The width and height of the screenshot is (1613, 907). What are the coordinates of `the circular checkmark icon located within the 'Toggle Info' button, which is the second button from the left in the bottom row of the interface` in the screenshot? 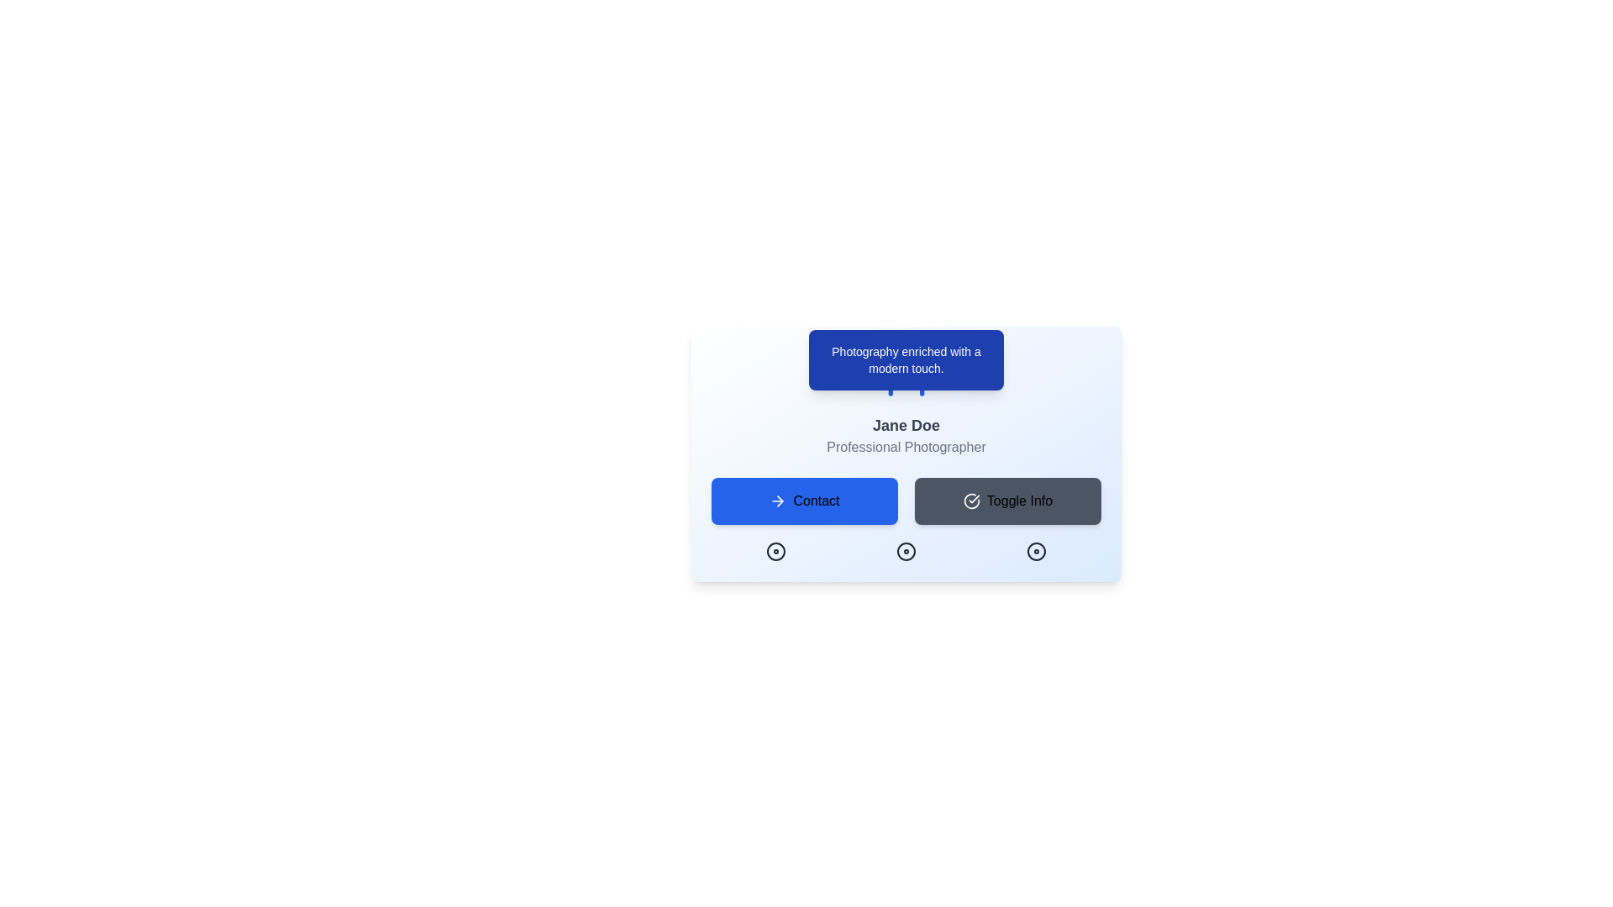 It's located at (971, 501).